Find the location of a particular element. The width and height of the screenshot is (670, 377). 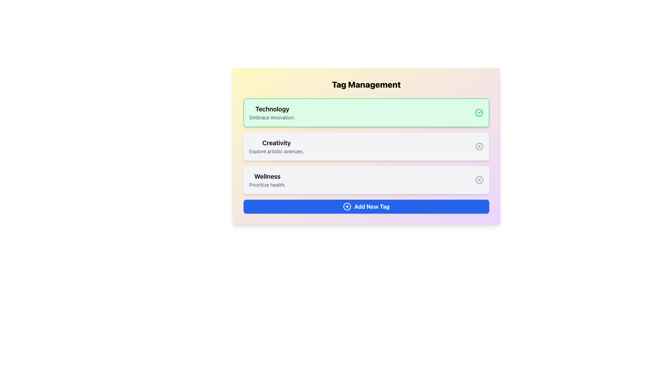

the static text label titled 'Wellness' located in the third card of a vertical list, positioned between the 'Creativity' card and the 'Add New Tag' button is located at coordinates (267, 180).